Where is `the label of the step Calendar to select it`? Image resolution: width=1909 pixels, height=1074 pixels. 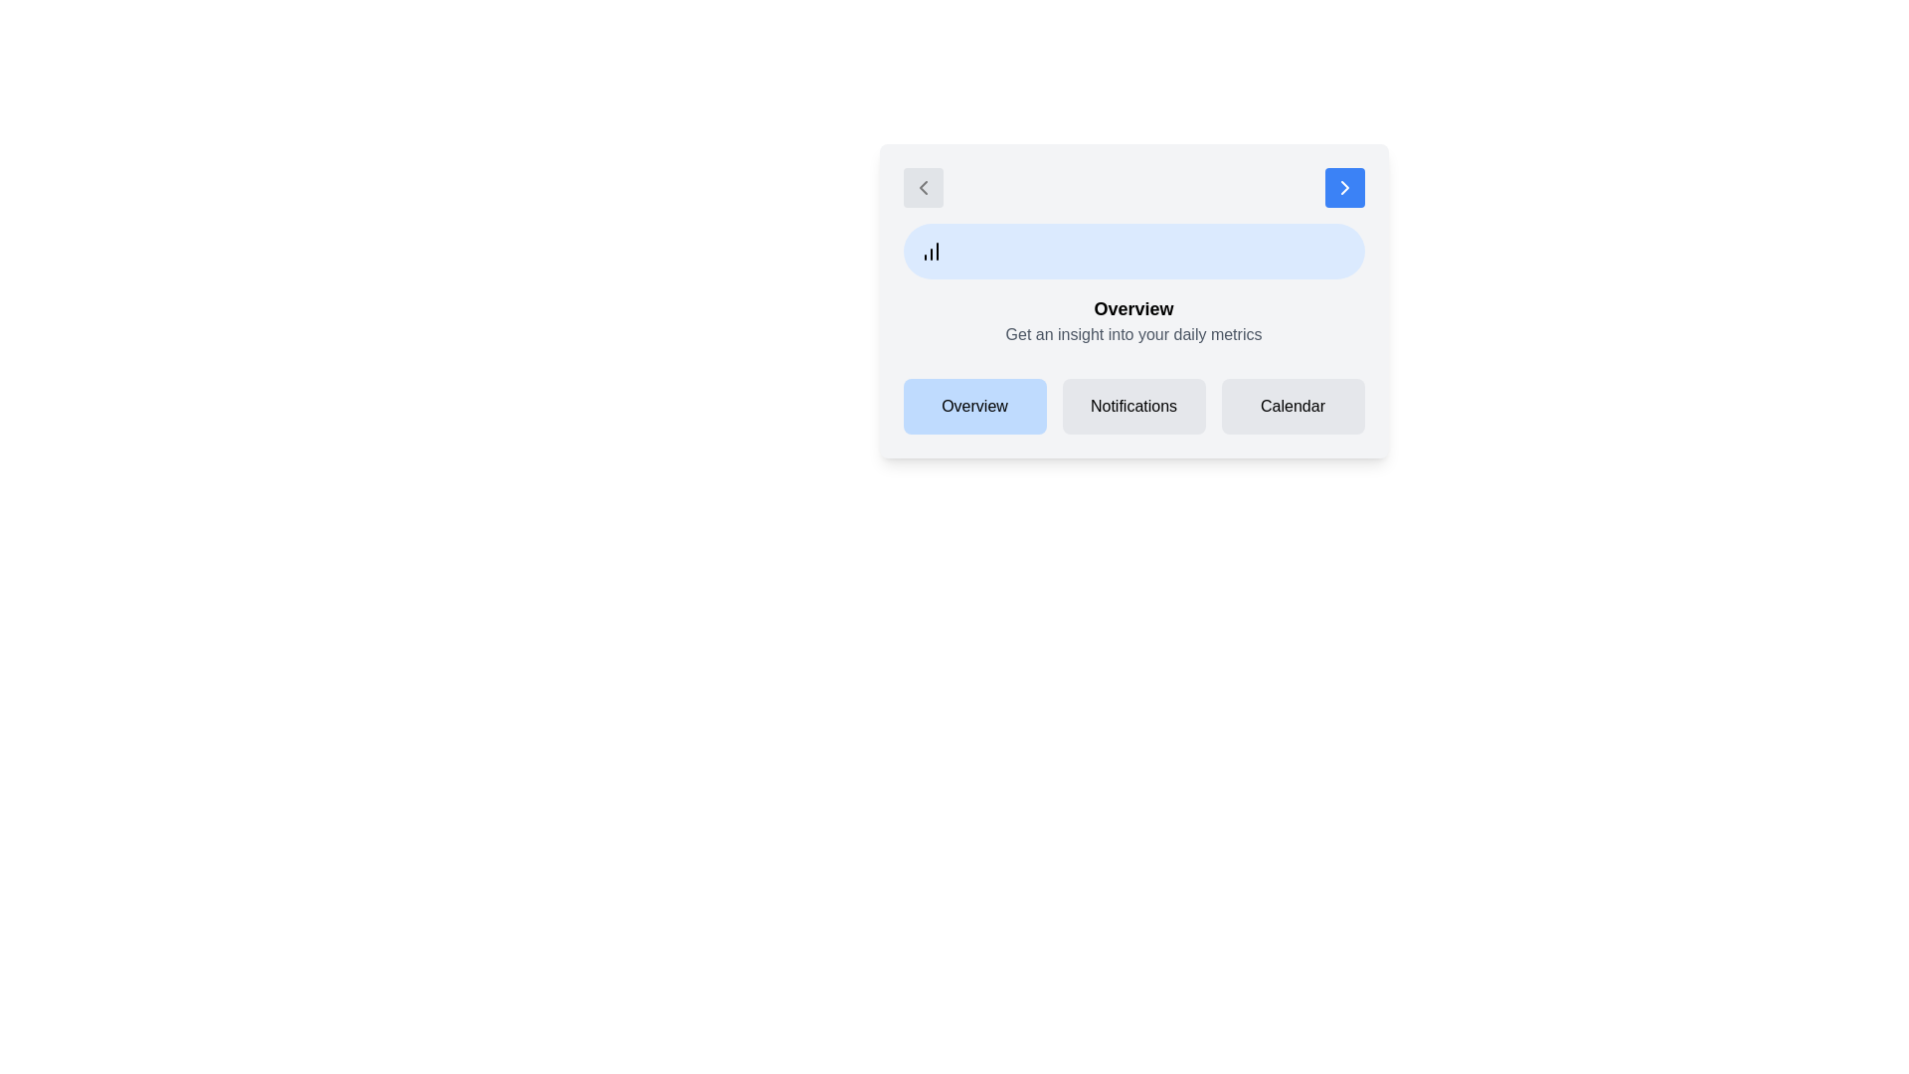
the label of the step Calendar to select it is located at coordinates (1293, 405).